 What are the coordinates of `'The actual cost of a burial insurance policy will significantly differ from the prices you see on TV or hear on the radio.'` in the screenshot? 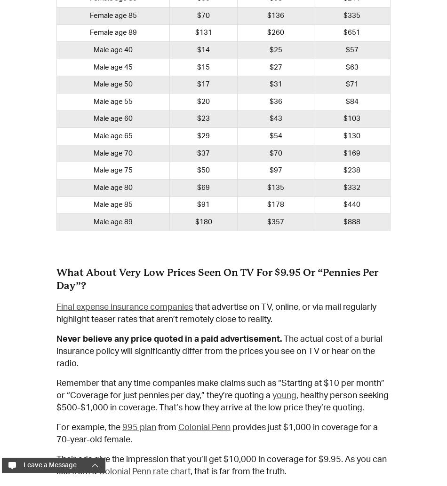 It's located at (56, 351).